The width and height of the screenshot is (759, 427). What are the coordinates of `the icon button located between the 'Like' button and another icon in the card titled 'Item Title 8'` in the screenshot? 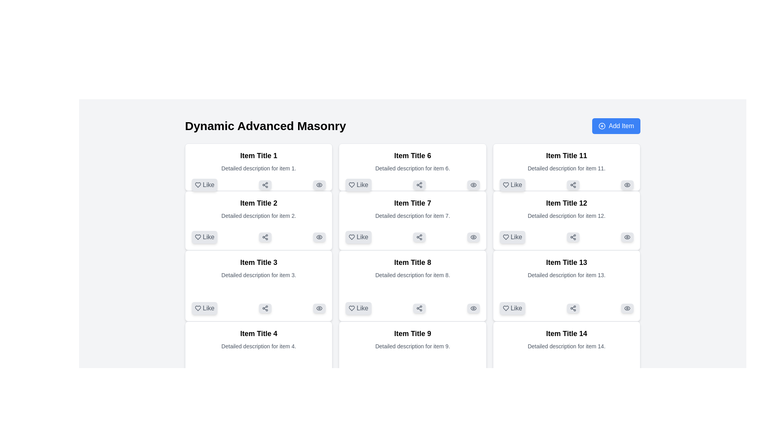 It's located at (419, 308).